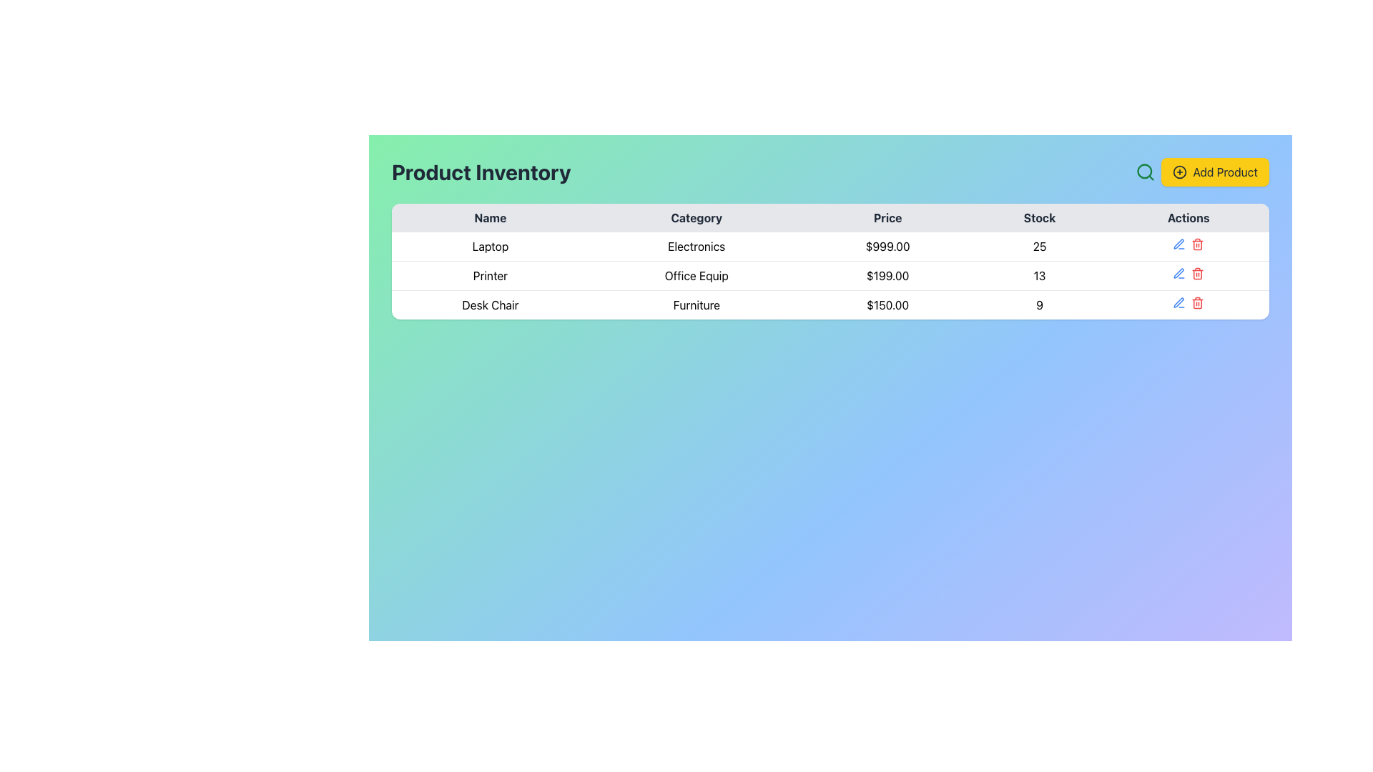 The width and height of the screenshot is (1373, 772). Describe the element at coordinates (697, 304) in the screenshot. I see `the 'Furniture' text label in the third row of the table under the 'Category' column, which is located between 'Desk Chair' and '$150.00'` at that location.